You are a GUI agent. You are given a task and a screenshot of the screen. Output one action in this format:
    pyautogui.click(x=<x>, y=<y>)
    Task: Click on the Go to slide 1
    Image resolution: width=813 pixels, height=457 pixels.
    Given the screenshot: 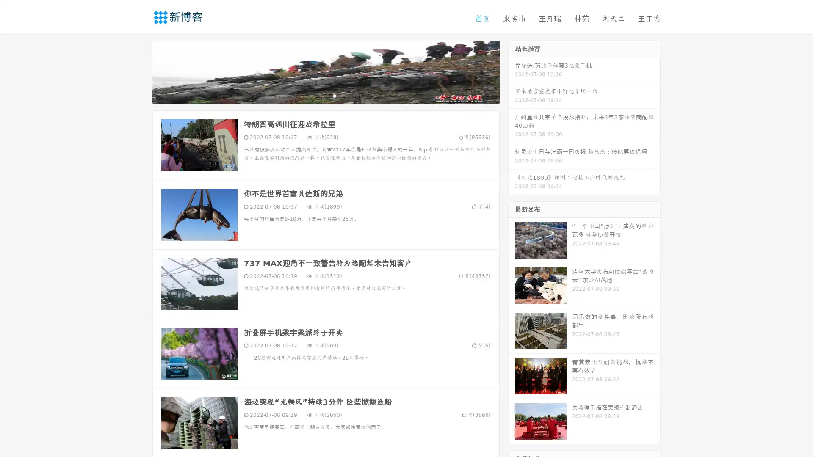 What is the action you would take?
    pyautogui.click(x=317, y=95)
    